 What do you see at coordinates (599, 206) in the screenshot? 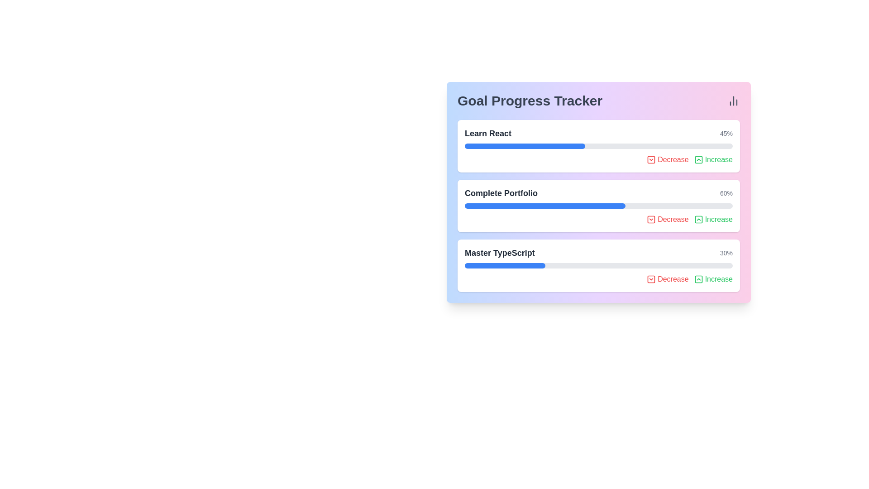
I see `the progress bar element, which is a horizontal bar with a gray background and a blue filled portion, located below the 'Complete Portfolio' label` at bounding box center [599, 206].